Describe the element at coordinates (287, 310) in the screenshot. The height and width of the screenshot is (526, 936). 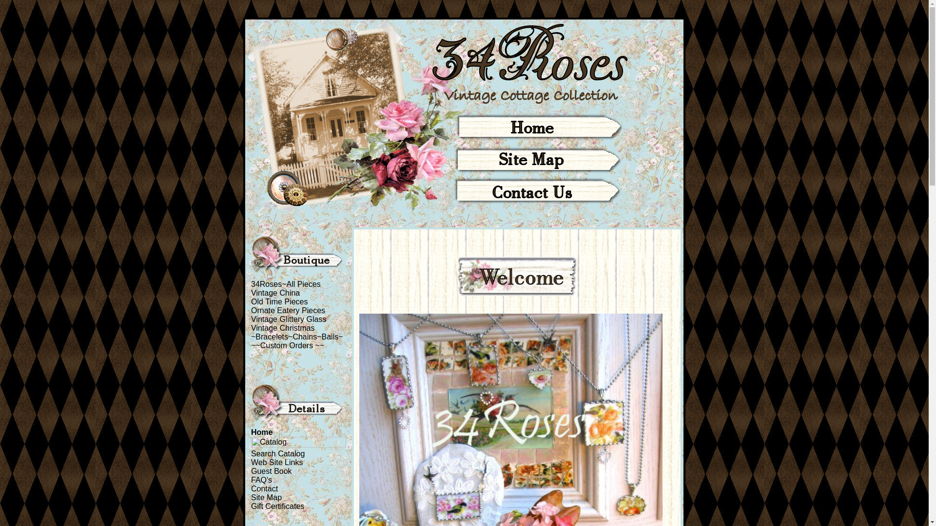
I see `'Ornate Eatery Pieces'` at that location.